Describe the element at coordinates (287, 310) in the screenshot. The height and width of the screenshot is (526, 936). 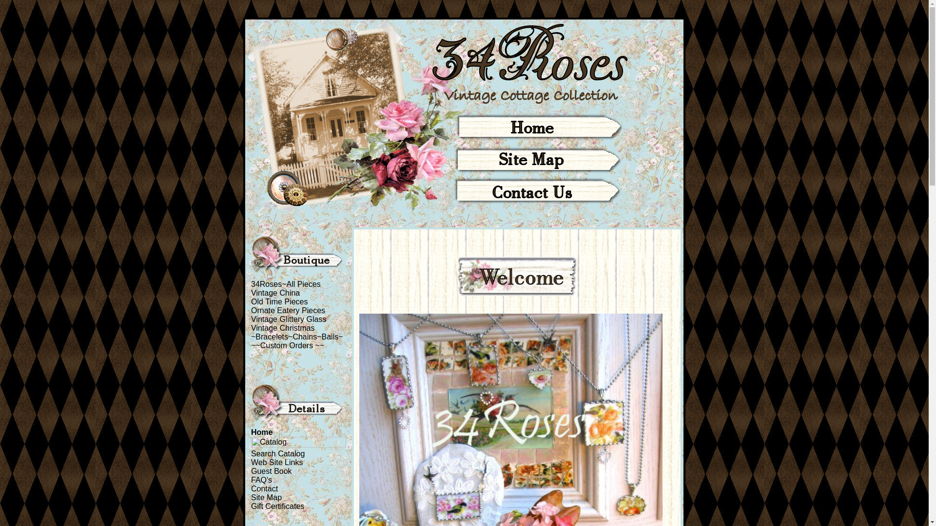
I see `'Ornate Eatery Pieces'` at that location.